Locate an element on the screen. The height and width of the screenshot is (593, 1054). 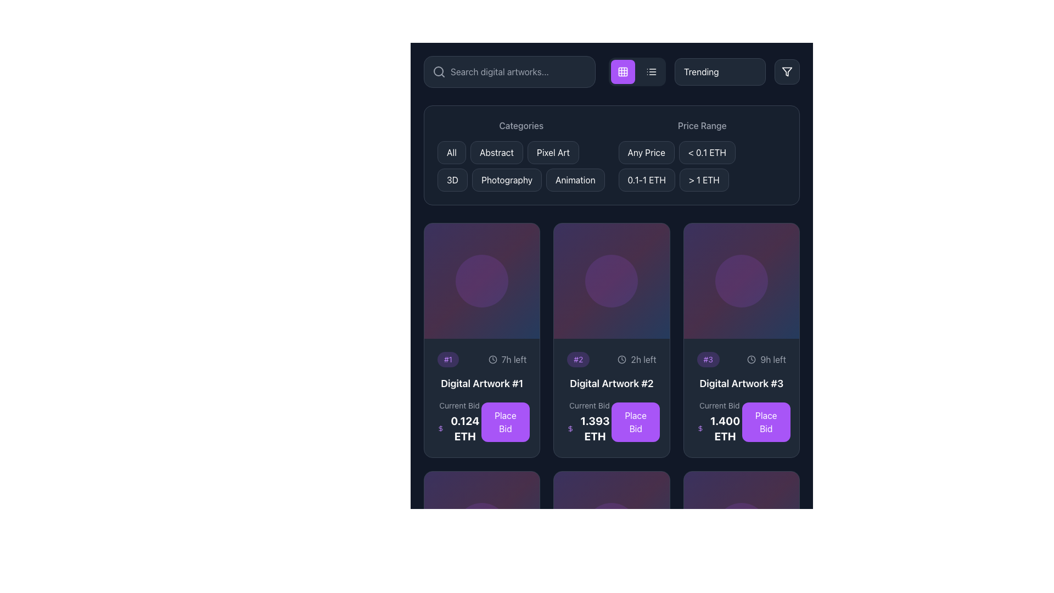
the 'Trending' button located in the top-center horizontal panel is located at coordinates (720, 72).